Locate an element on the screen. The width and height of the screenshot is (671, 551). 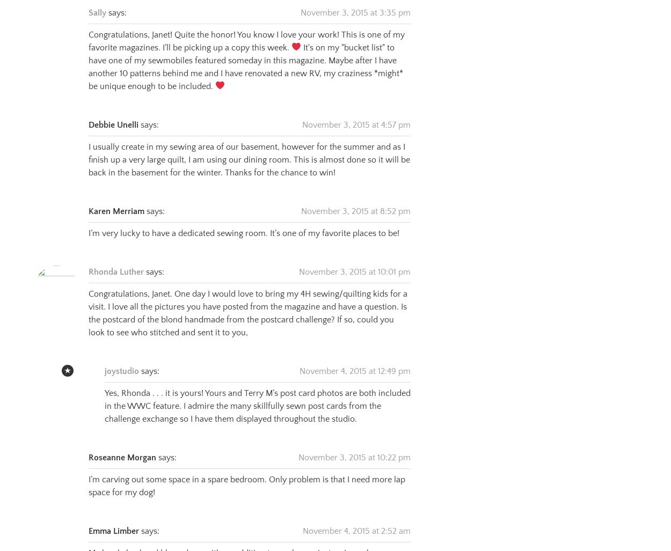
'Congratulations, Janet!   Quite the honor!   You know I love your work!    This is one of my favorite magazines.  I’ll be picking up a copy this week.' is located at coordinates (246, 27).